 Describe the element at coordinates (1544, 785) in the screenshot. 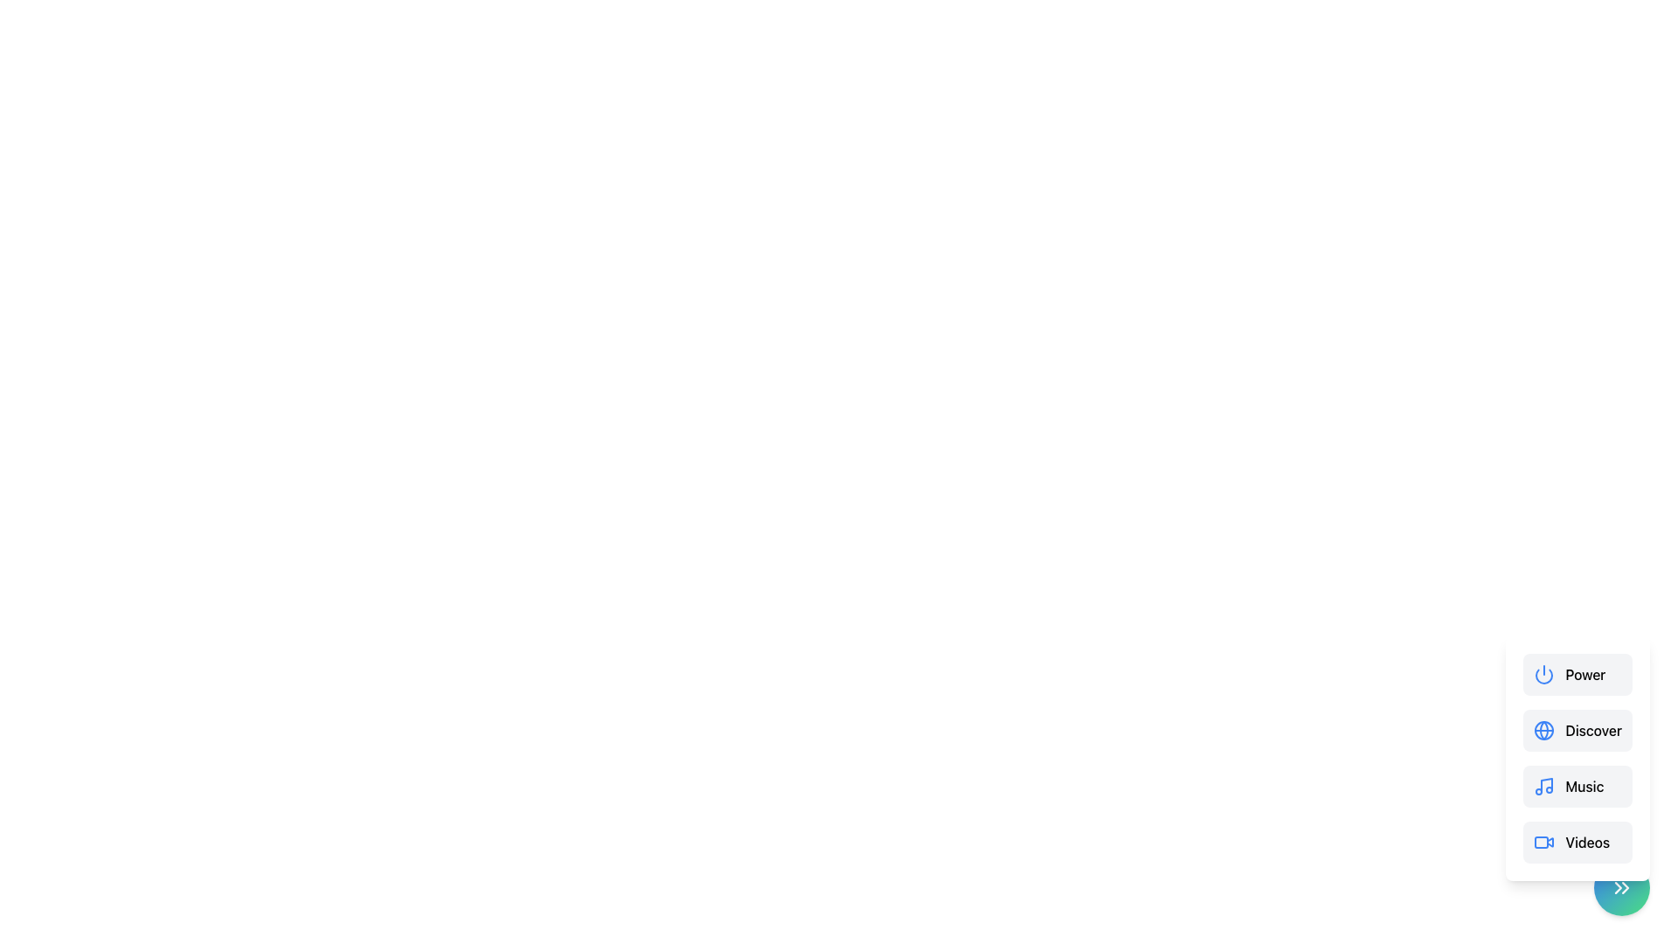

I see `the 'Music' menu item icon on the right side of the interface` at that location.